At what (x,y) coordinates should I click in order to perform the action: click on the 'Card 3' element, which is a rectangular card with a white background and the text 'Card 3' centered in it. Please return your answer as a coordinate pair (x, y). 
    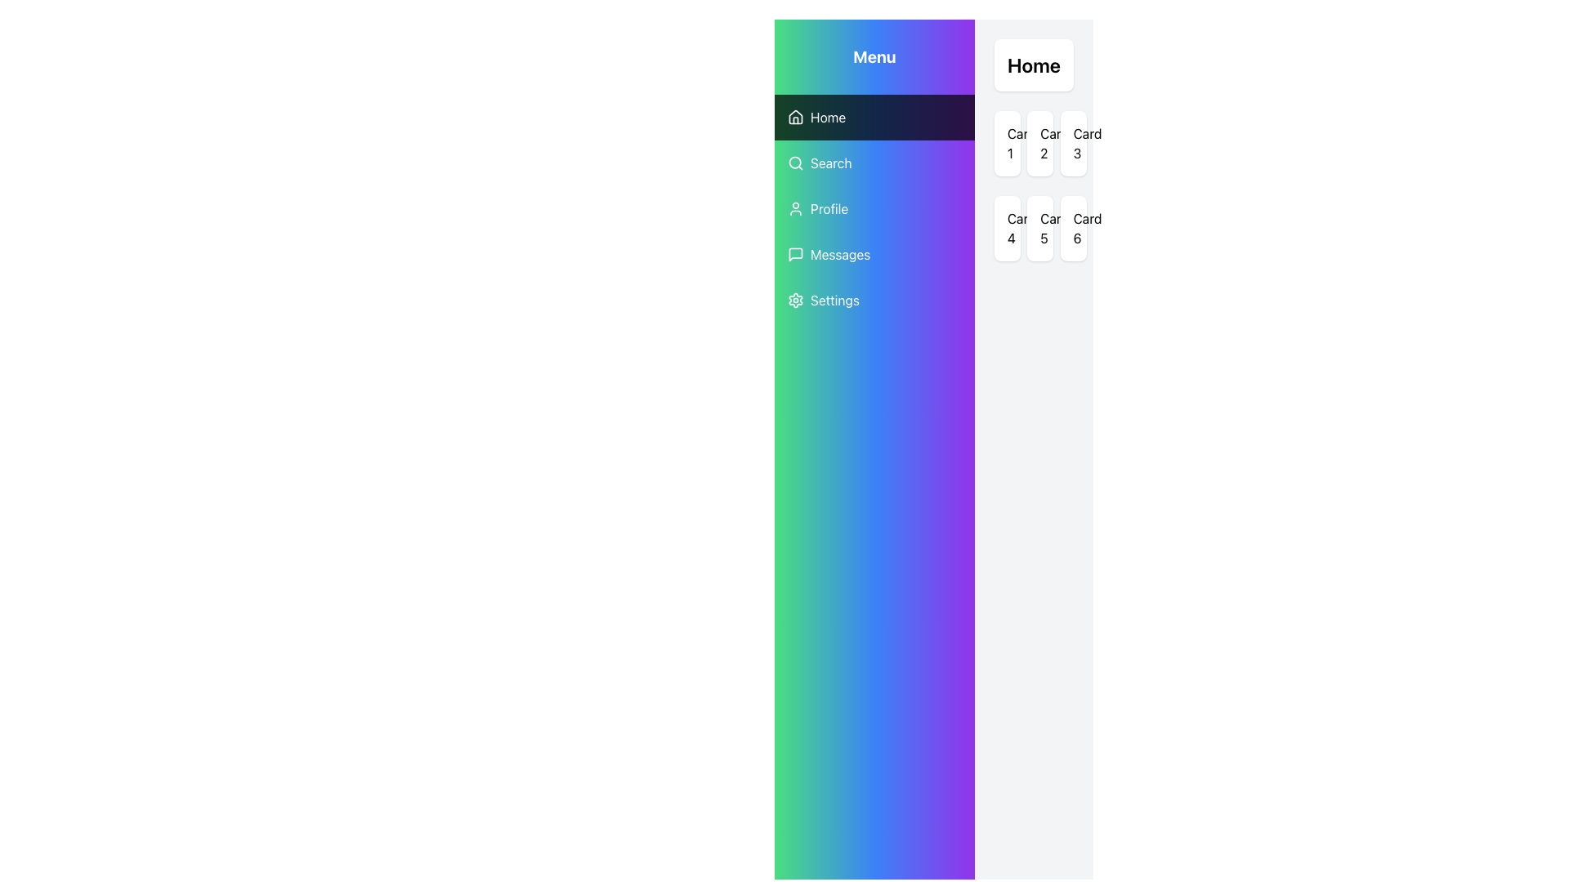
    Looking at the image, I should click on (1073, 143).